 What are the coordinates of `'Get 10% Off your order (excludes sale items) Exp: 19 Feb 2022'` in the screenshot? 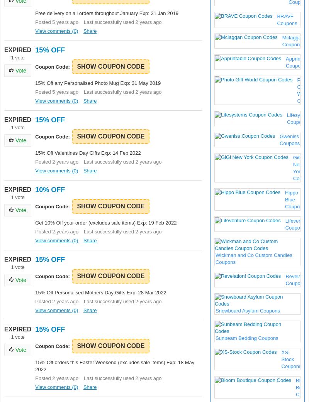 It's located at (35, 222).